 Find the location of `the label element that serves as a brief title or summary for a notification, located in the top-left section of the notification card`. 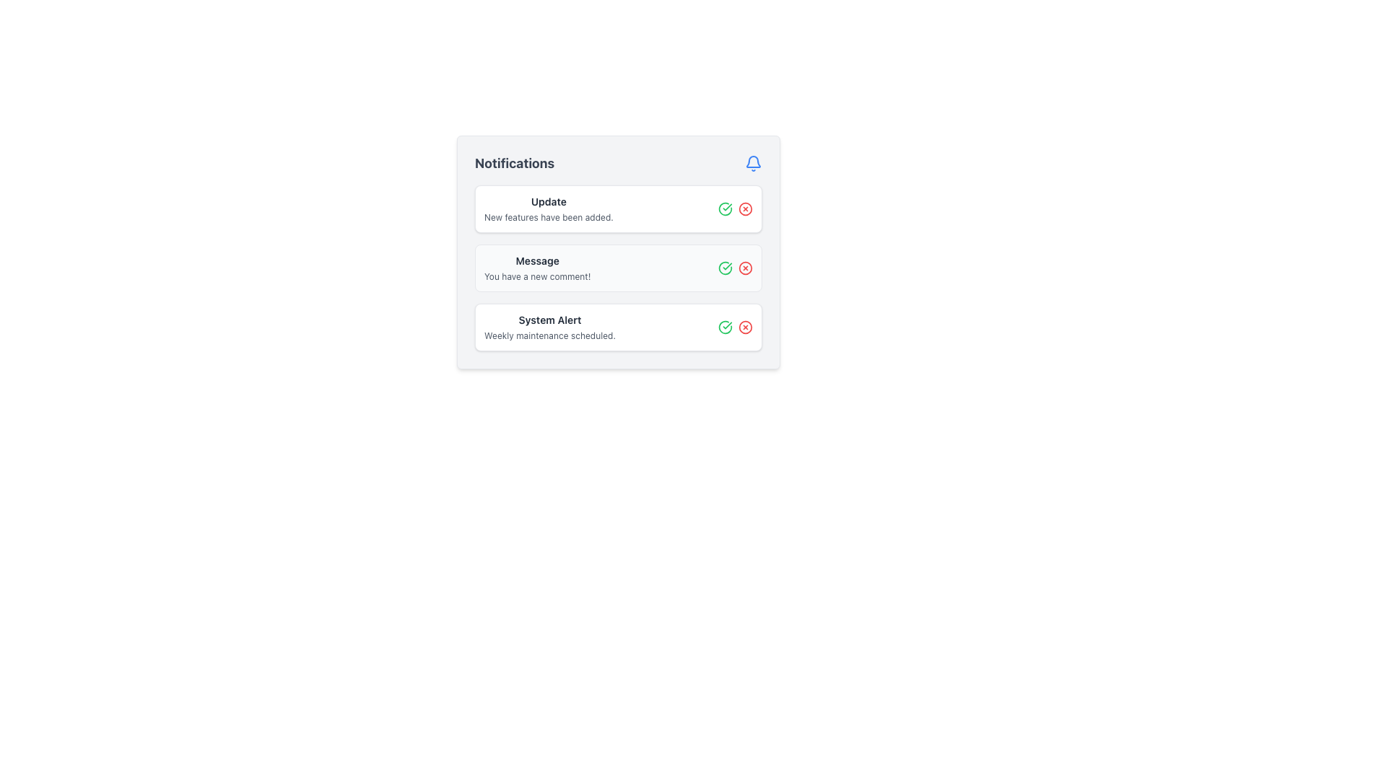

the label element that serves as a brief title or summary for a notification, located in the top-left section of the notification card is located at coordinates (548, 202).